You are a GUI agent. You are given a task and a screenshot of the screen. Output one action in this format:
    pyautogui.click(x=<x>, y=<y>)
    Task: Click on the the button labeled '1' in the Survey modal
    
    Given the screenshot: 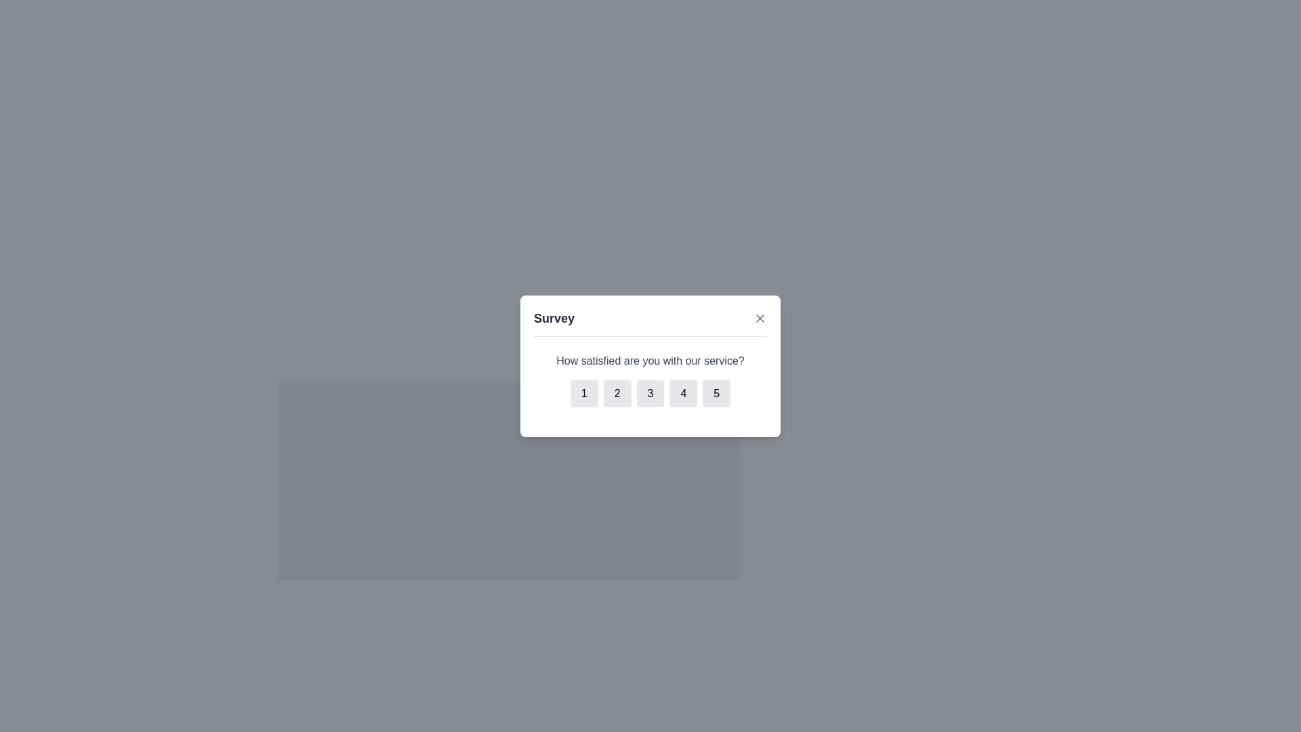 What is the action you would take?
    pyautogui.click(x=584, y=393)
    